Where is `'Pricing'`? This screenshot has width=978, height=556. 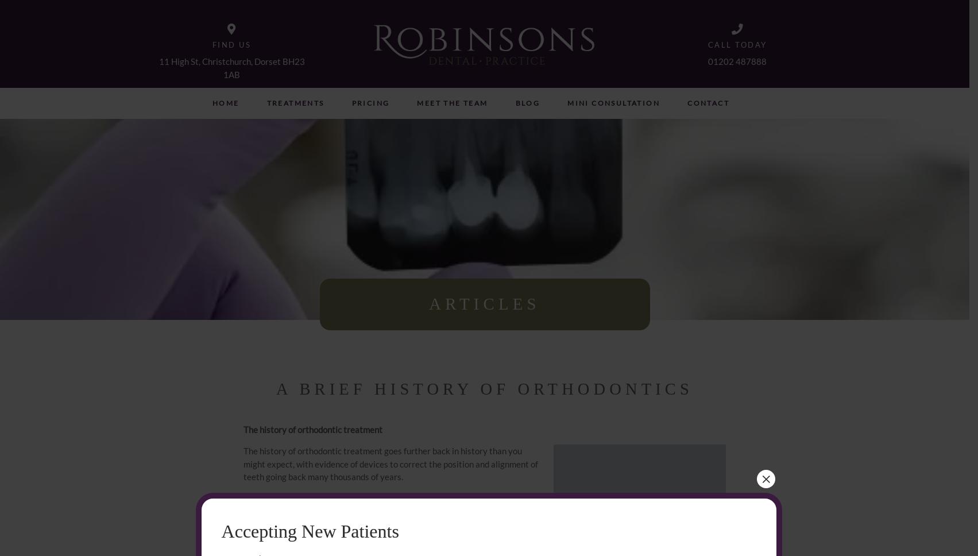 'Pricing' is located at coordinates (369, 103).